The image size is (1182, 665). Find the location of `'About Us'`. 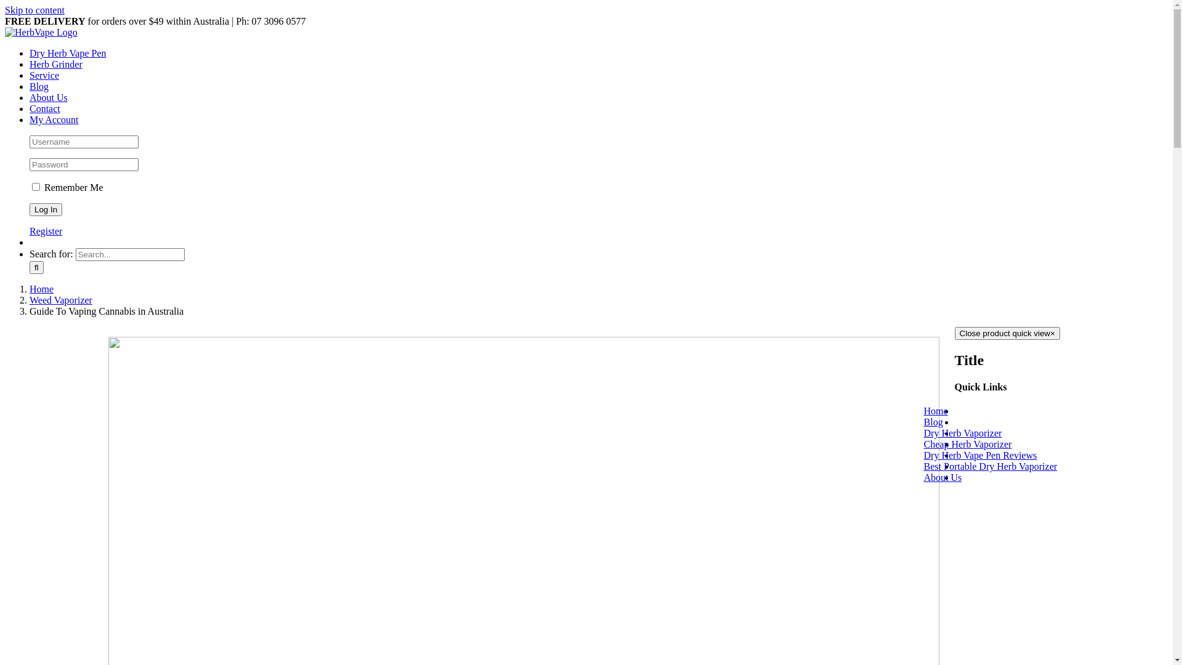

'About Us' is located at coordinates (957, 477).